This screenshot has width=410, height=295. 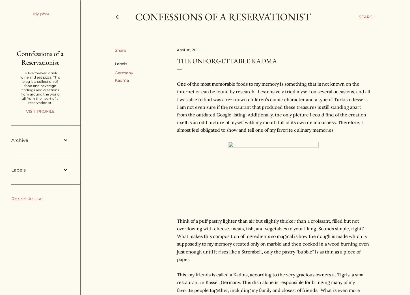 I want to click on 'Kadma', so click(x=115, y=80).